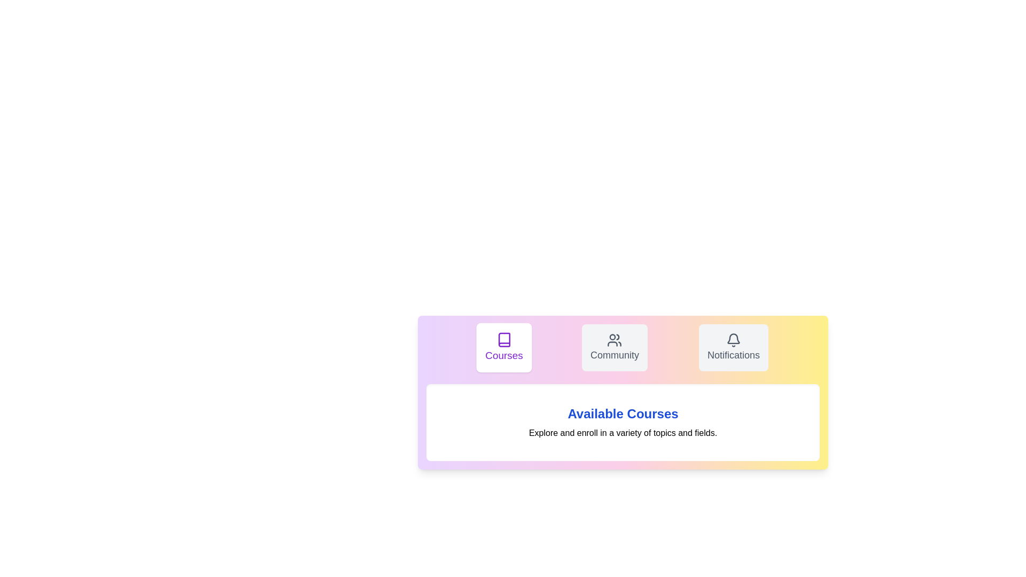 This screenshot has height=577, width=1026. Describe the element at coordinates (503, 348) in the screenshot. I see `the Courses tab` at that location.